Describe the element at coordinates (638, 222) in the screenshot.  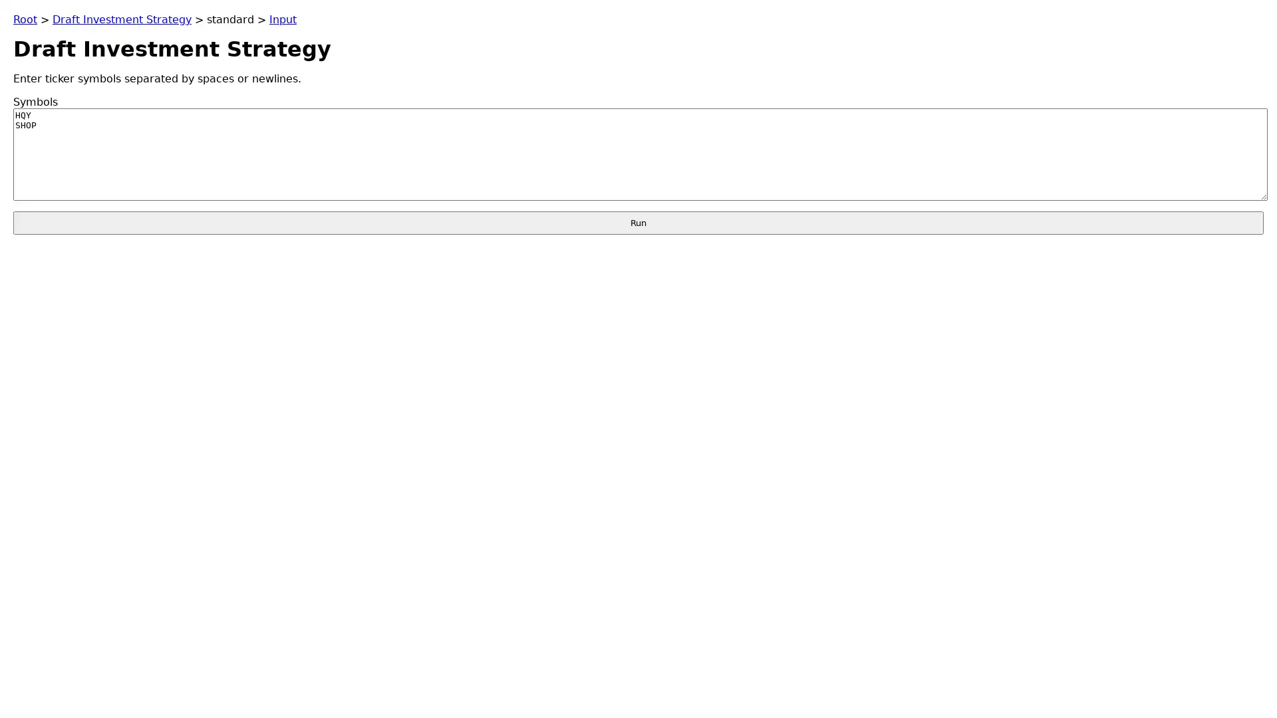
I see `Run` at that location.